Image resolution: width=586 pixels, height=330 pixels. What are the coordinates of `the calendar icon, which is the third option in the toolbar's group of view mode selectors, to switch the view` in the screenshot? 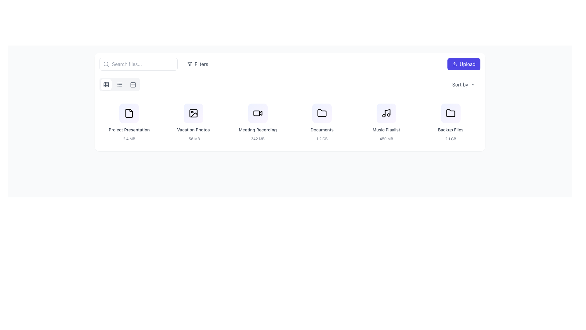 It's located at (133, 85).